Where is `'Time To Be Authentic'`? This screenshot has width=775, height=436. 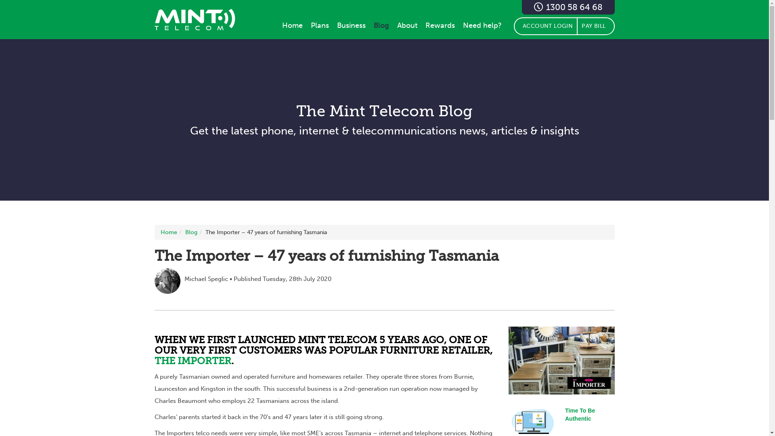 'Time To Be Authentic' is located at coordinates (565, 414).